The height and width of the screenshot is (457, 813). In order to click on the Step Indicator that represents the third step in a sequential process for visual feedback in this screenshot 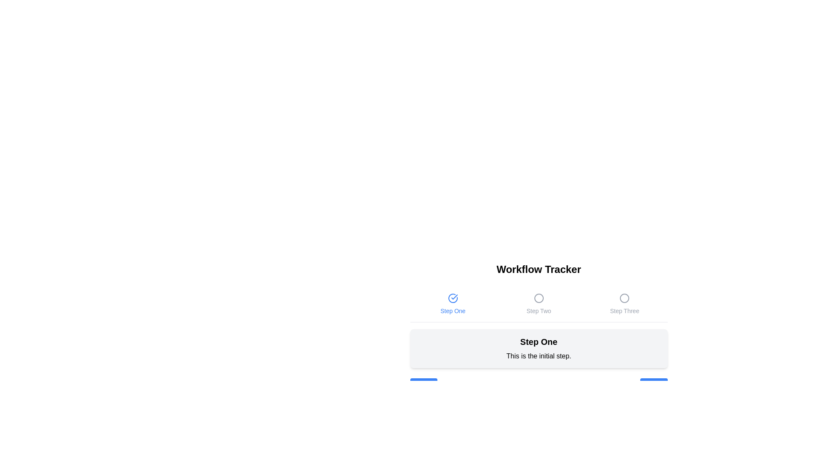, I will do `click(625, 303)`.